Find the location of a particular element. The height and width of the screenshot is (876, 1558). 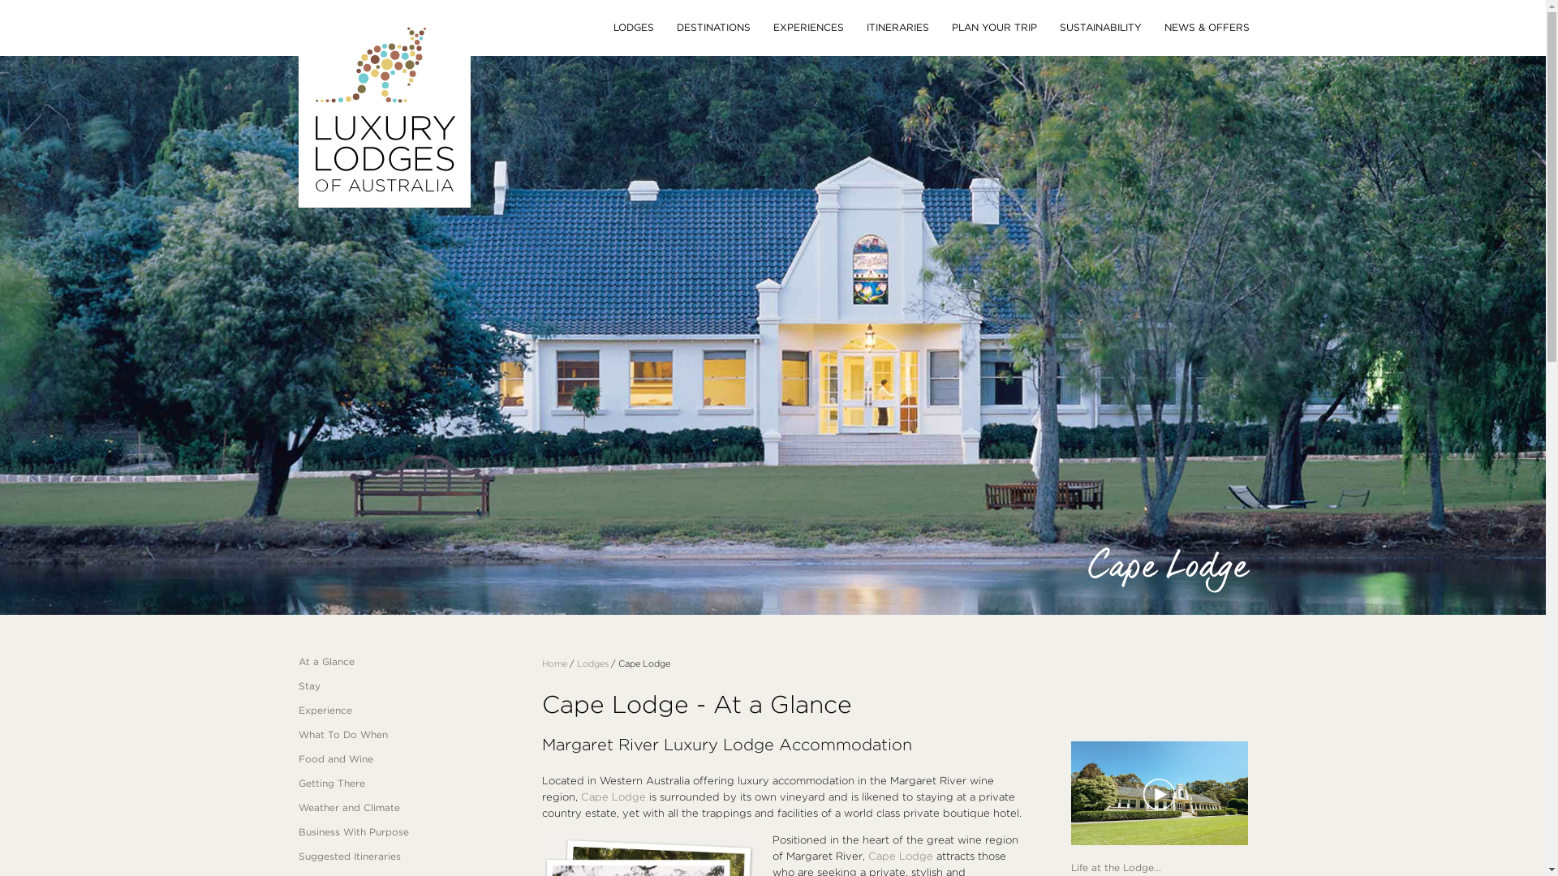

'At a Glance' is located at coordinates (408, 662).